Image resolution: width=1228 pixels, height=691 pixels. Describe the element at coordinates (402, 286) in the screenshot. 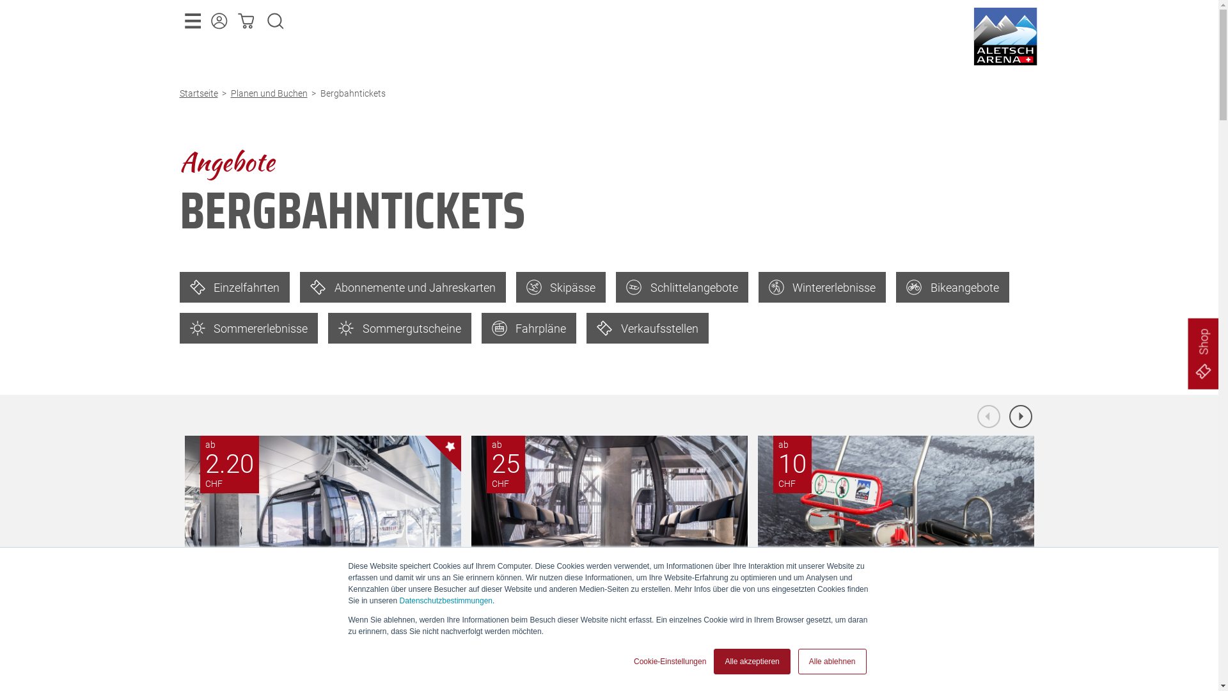

I see `'Abonnemente und Jahreskarten'` at that location.